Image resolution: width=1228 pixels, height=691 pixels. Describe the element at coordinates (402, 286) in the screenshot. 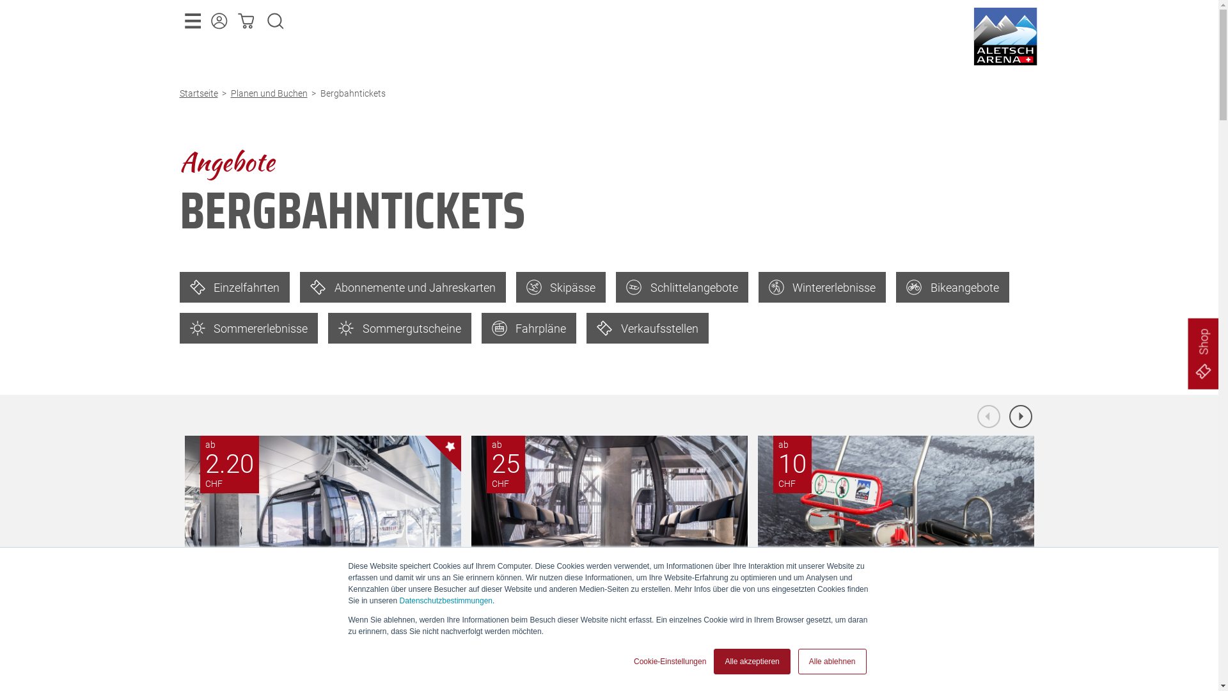

I see `'Abonnemente und Jahreskarten'` at that location.